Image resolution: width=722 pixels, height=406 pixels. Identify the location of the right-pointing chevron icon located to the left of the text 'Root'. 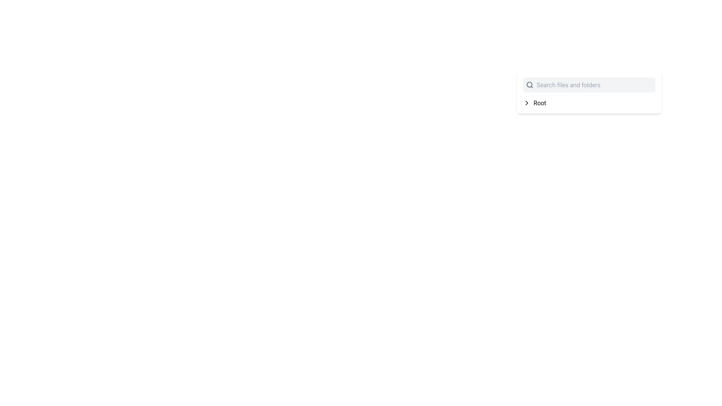
(526, 103).